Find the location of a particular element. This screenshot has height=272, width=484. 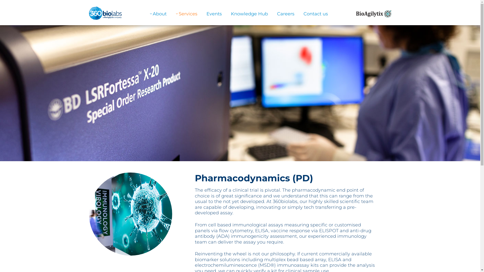

'About' is located at coordinates (158, 13).